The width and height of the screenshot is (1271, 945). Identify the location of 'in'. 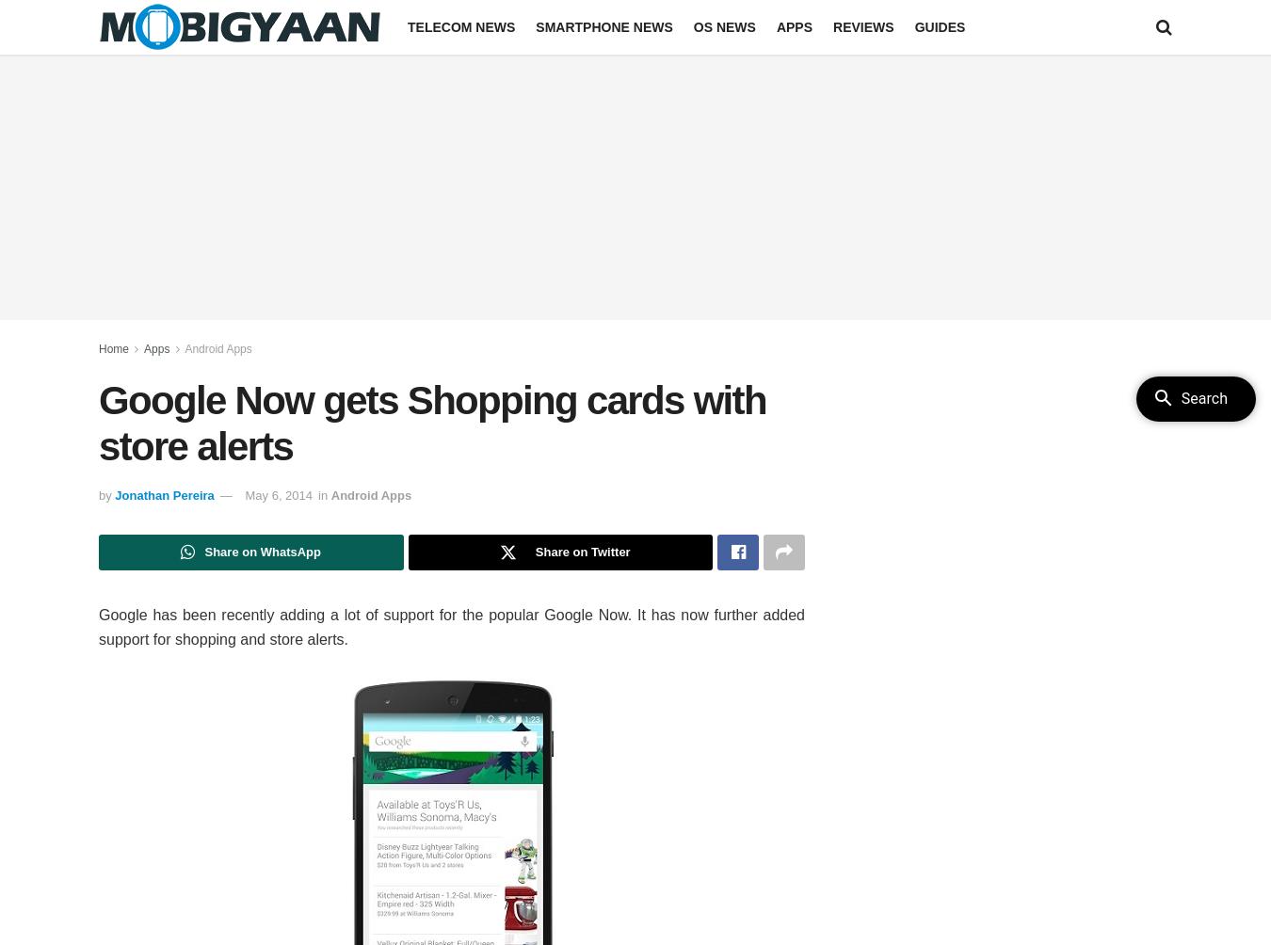
(323, 494).